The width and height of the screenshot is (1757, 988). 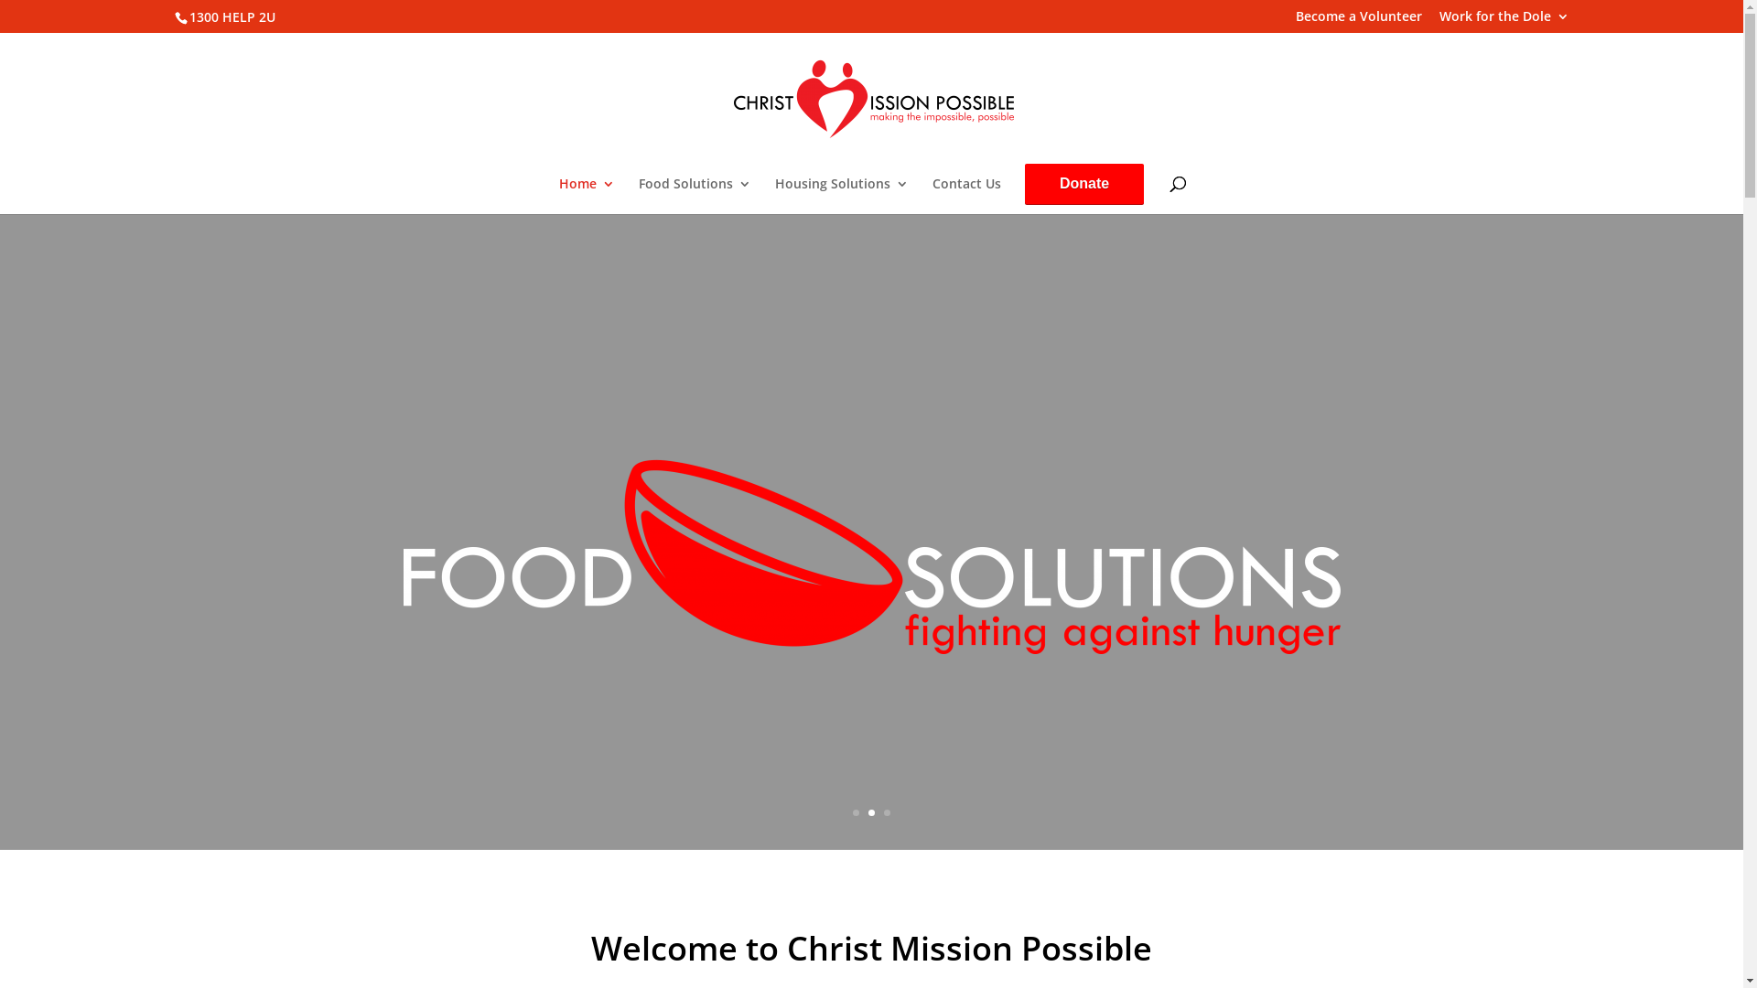 What do you see at coordinates (855, 811) in the screenshot?
I see `'1'` at bounding box center [855, 811].